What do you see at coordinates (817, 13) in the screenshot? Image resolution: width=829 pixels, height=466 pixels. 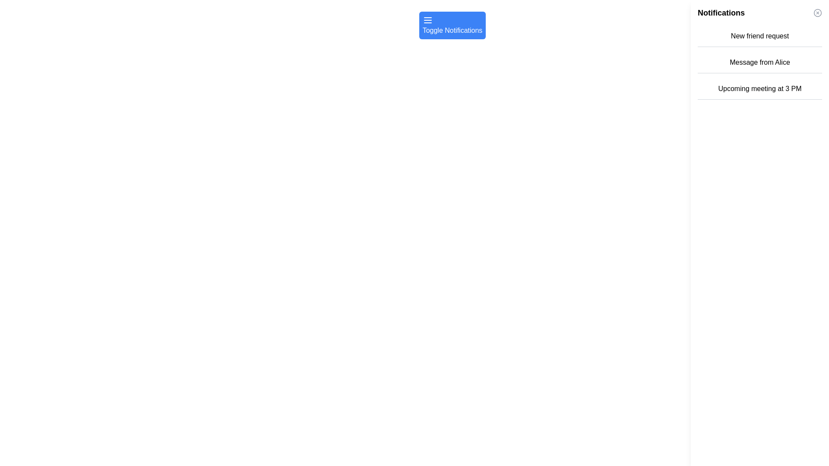 I see `the circular close button located at the top-right corner of the notification panel` at bounding box center [817, 13].